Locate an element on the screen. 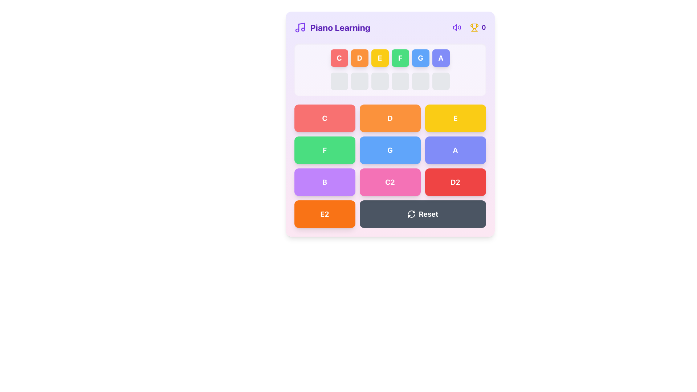 The image size is (697, 392). the text label within the button representing a musical note in the first row of the grid interface is located at coordinates (339, 57).